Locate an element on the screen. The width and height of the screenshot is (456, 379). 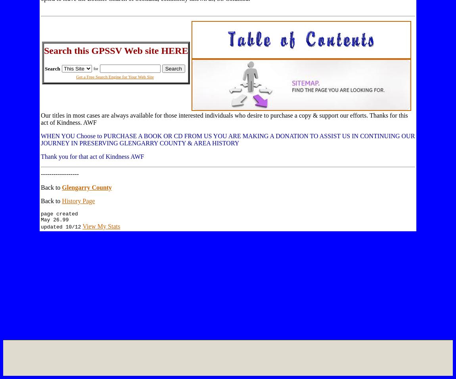
'------------------' is located at coordinates (59, 173).